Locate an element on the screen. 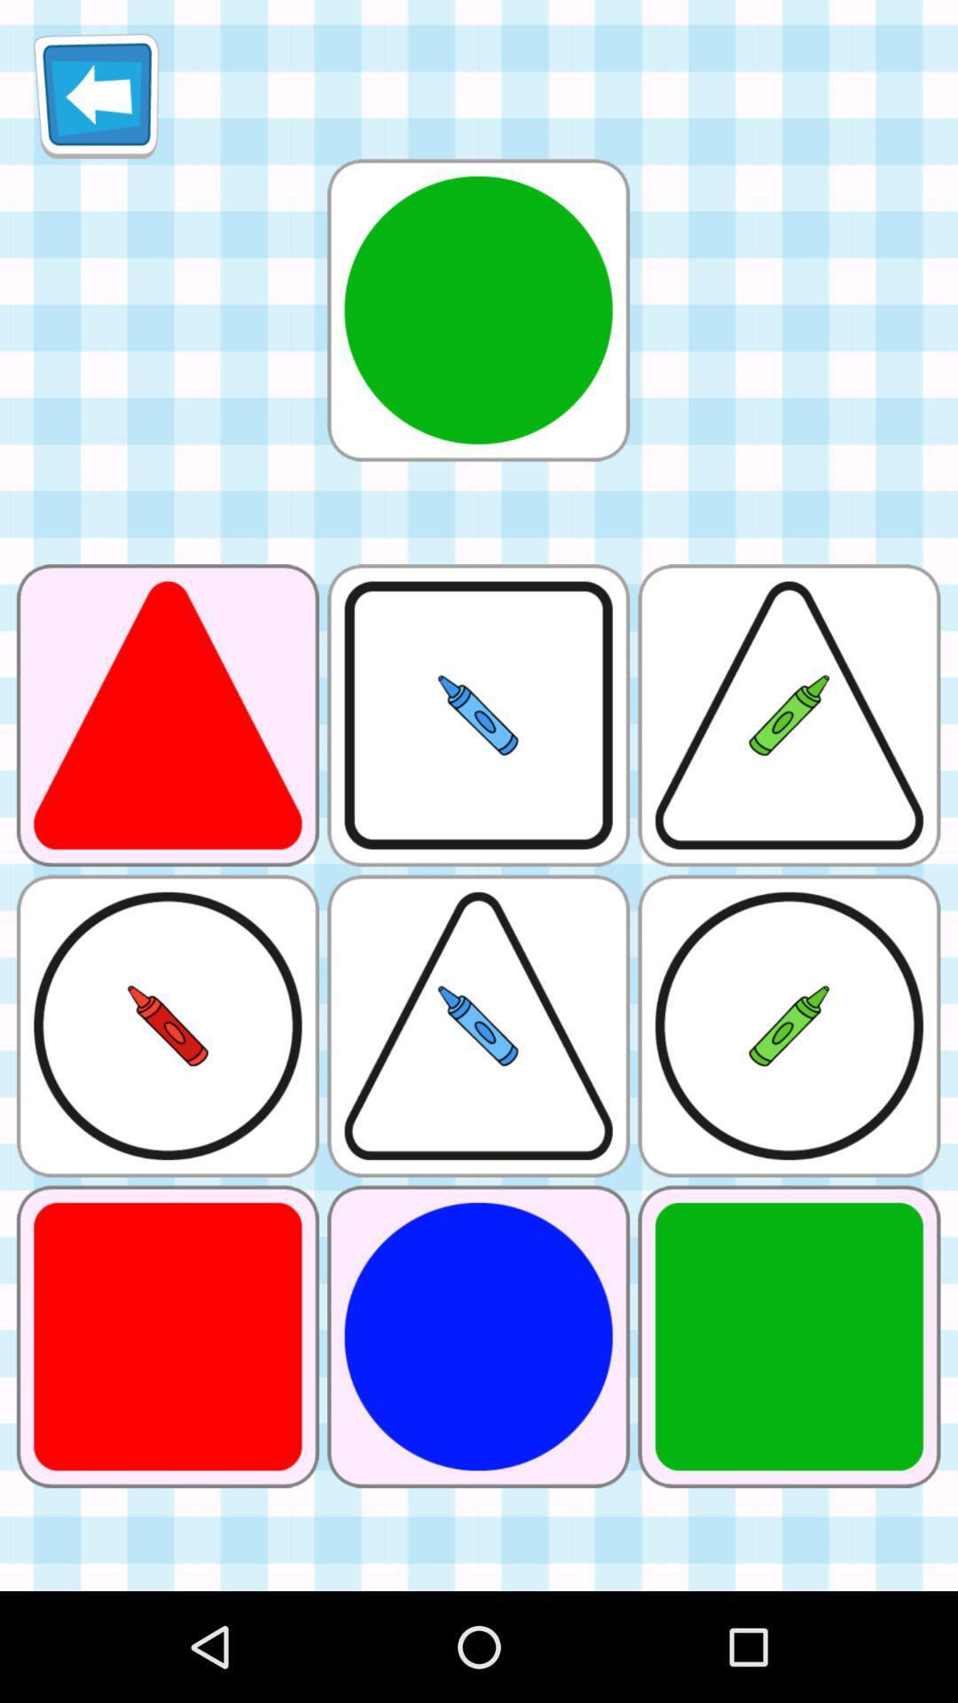 Image resolution: width=958 pixels, height=1703 pixels. the arrow_backward icon is located at coordinates (96, 102).